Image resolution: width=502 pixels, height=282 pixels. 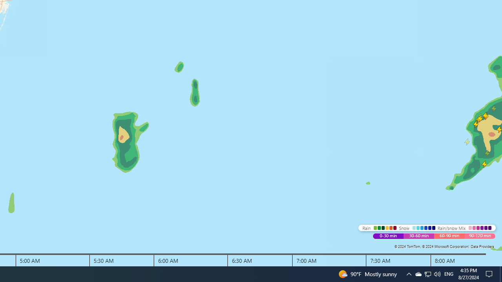 I want to click on 'Tray Input Indicator - English (United States)', so click(x=449, y=273).